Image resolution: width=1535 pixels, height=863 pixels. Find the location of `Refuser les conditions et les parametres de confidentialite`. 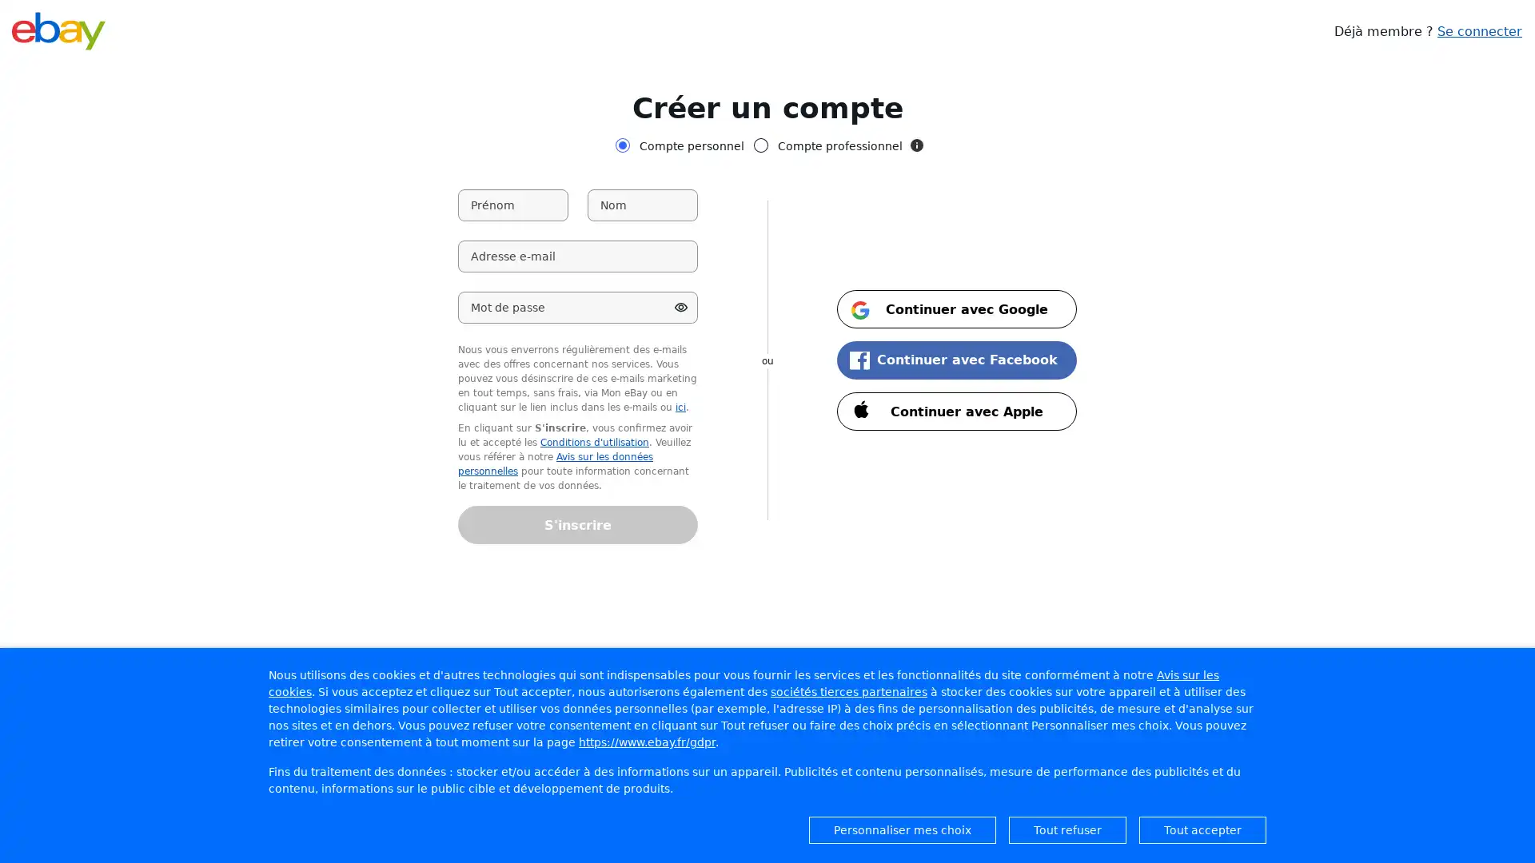

Refuser les conditions et les parametres de confidentialite is located at coordinates (1067, 829).